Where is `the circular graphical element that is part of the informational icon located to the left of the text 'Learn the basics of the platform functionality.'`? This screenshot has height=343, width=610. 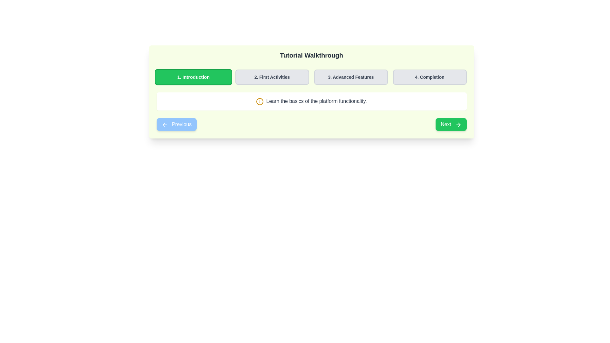
the circular graphical element that is part of the informational icon located to the left of the text 'Learn the basics of the platform functionality.' is located at coordinates (260, 101).